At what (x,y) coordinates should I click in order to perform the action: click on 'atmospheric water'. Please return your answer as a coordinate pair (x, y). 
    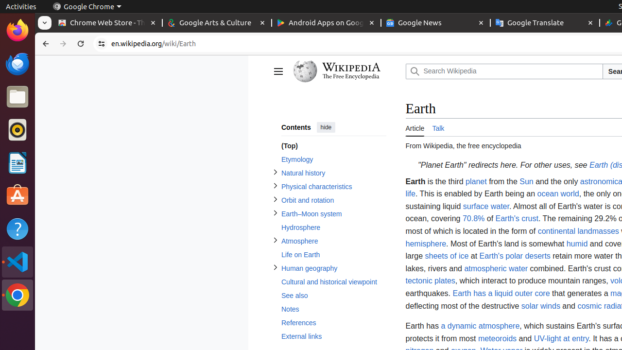
    Looking at the image, I should click on (496, 268).